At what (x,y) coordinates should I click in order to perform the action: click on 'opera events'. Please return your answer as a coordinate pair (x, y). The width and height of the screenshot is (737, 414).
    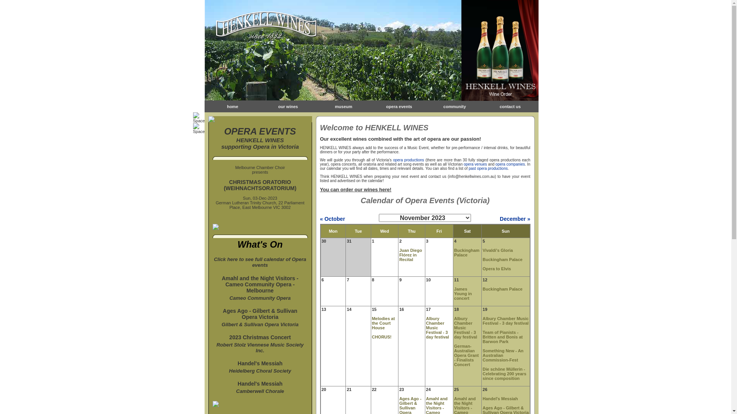
    Looking at the image, I should click on (386, 106).